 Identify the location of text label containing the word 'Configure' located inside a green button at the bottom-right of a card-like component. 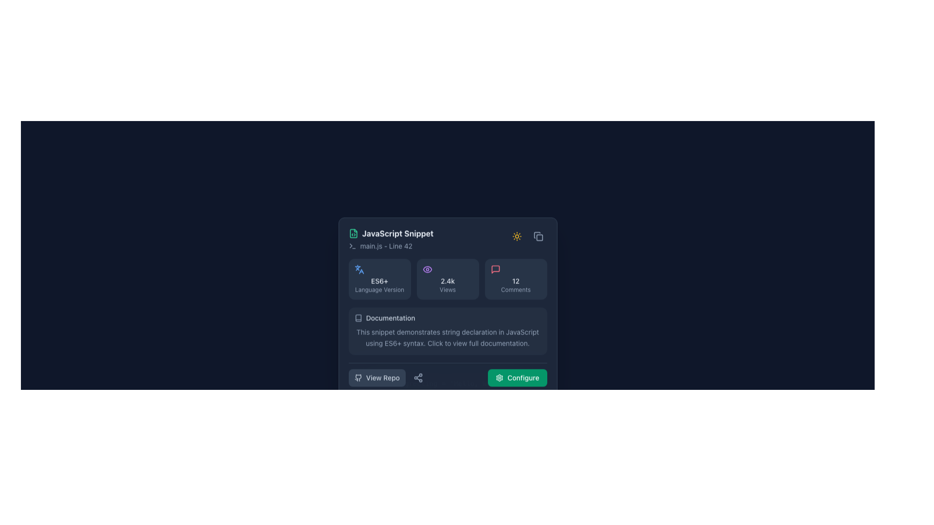
(522, 377).